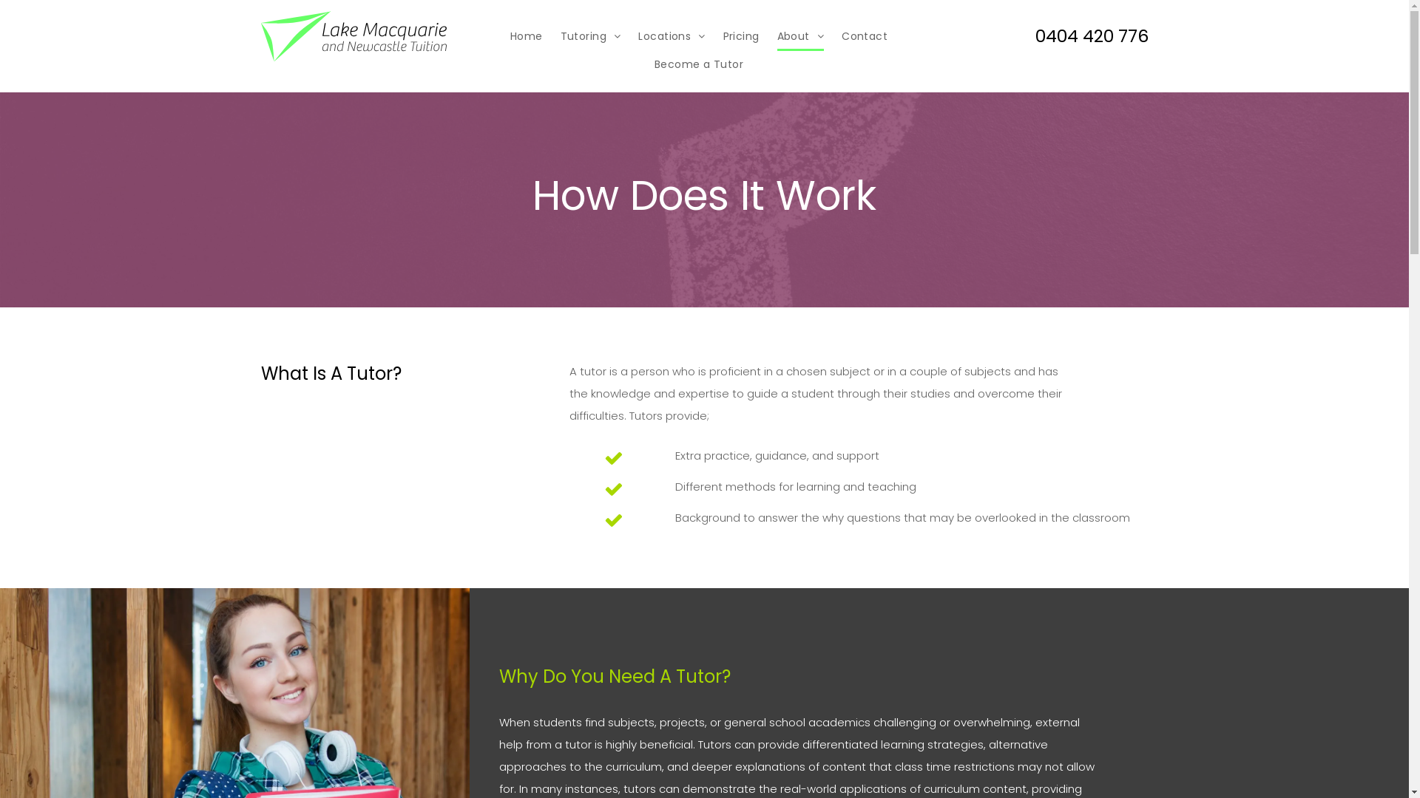  Describe the element at coordinates (800, 35) in the screenshot. I see `'About'` at that location.